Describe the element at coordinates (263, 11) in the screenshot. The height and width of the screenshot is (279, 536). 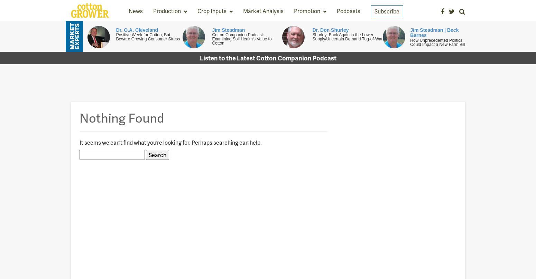
I see `'Market Analysis'` at that location.